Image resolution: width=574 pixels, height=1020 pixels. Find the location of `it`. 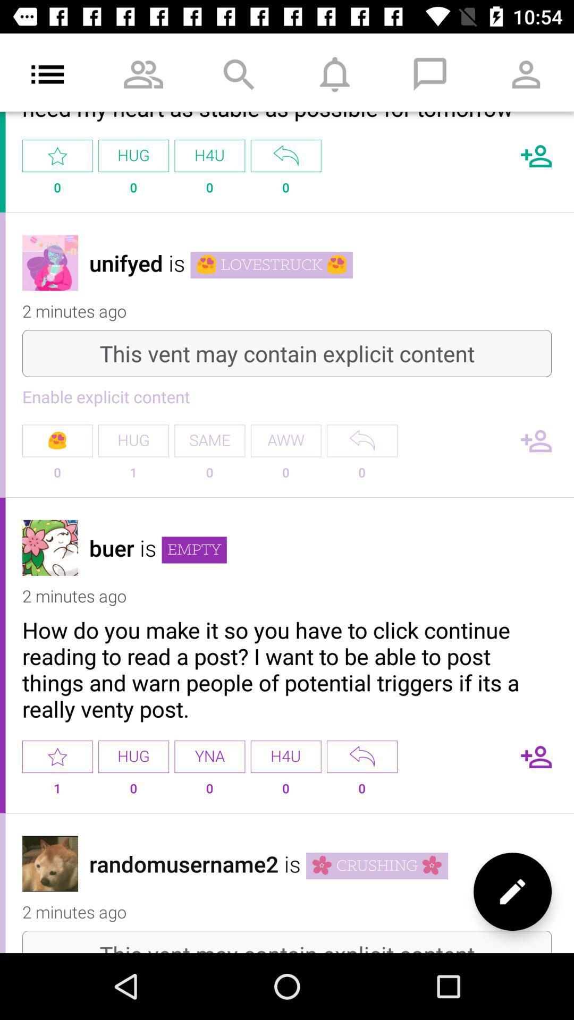

it is located at coordinates (57, 756).